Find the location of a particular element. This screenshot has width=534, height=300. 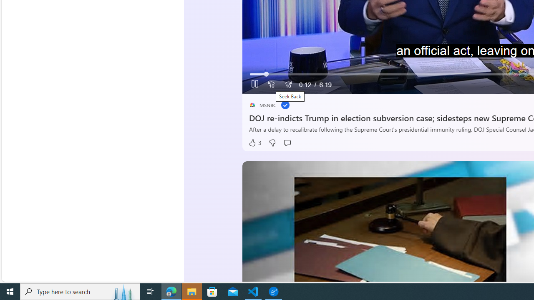

'Dislike' is located at coordinates (272, 142).